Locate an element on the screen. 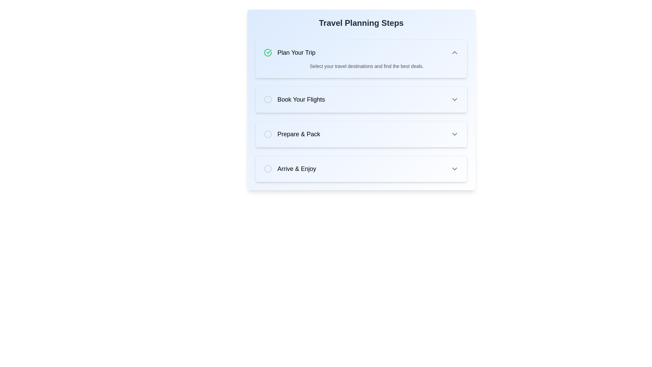 This screenshot has height=367, width=652. the green checkmark icon located within a circular outline to the left of the text 'Plan Your Trip' is located at coordinates (269, 51).